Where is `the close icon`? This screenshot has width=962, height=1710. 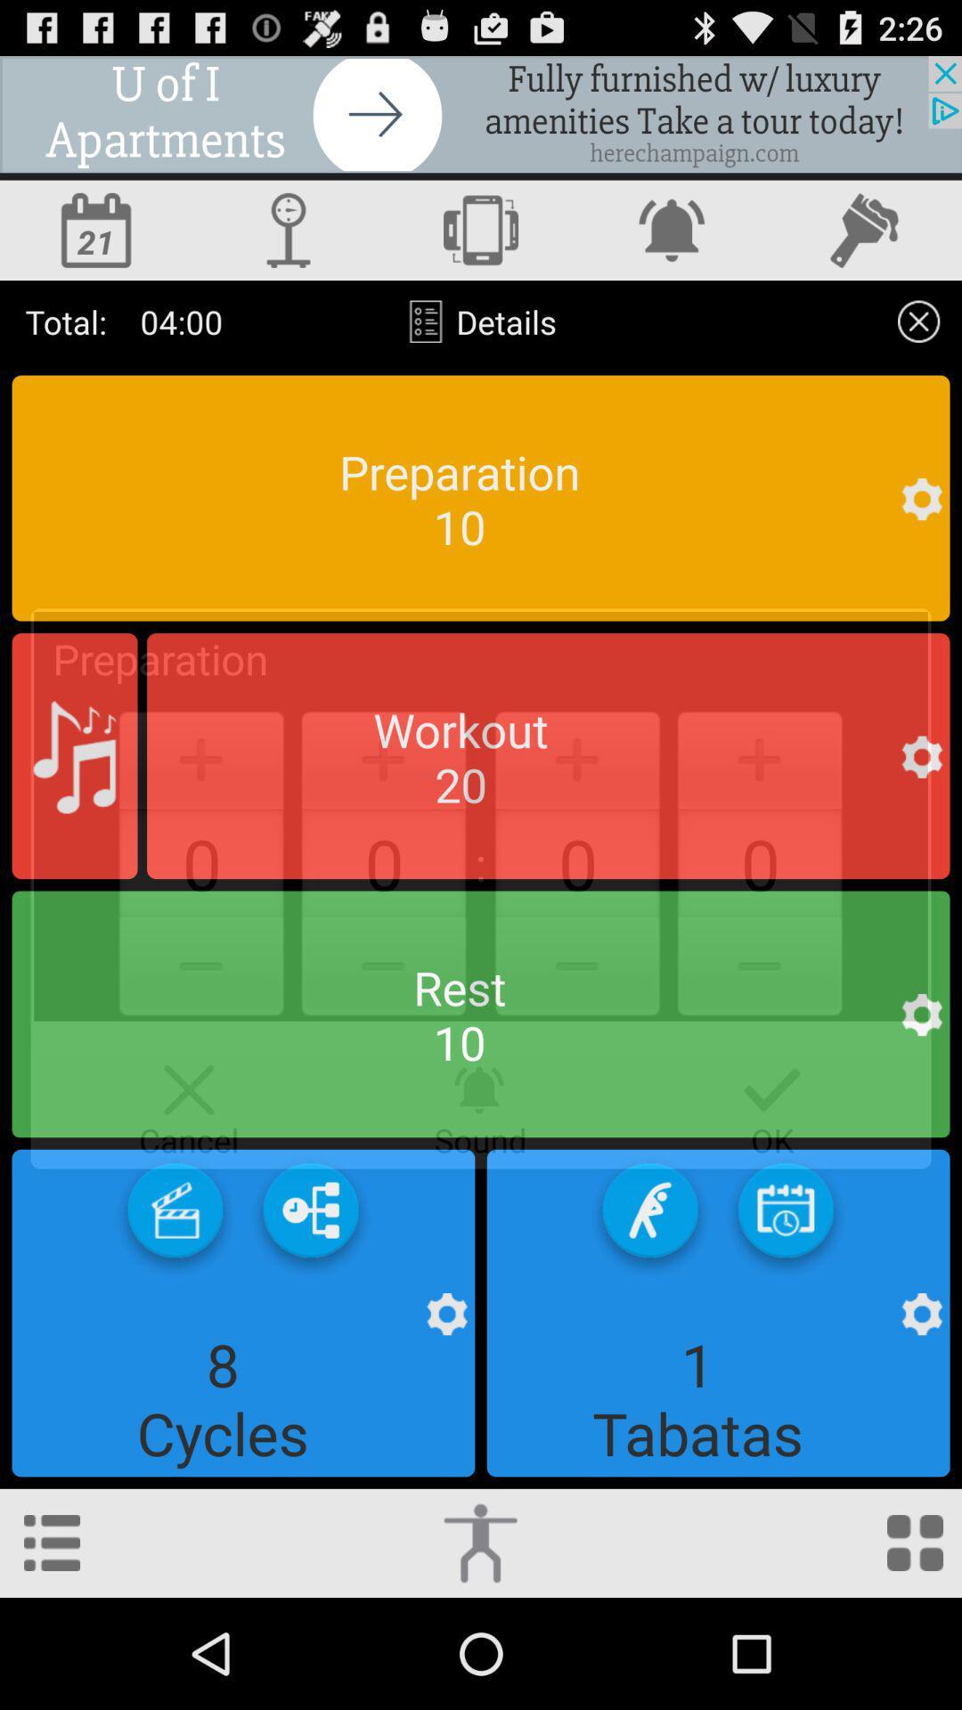 the close icon is located at coordinates (918, 344).